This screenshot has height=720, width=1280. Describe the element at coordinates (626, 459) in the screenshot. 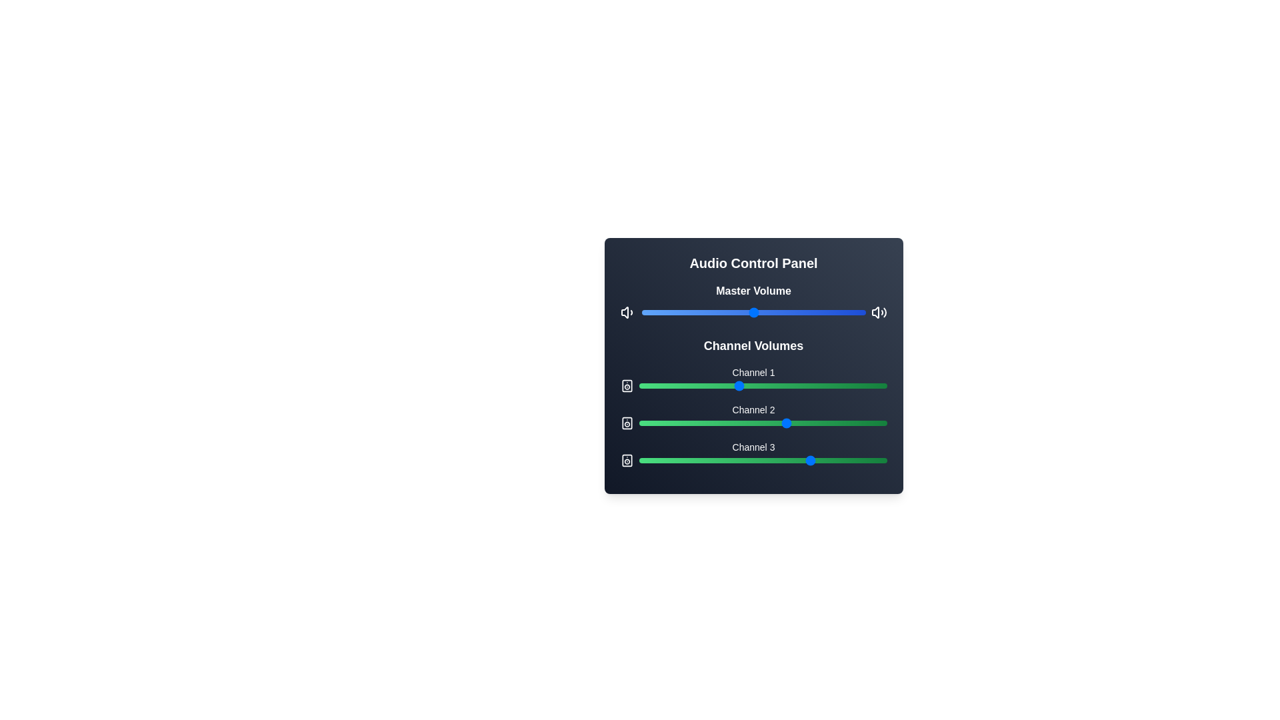

I see `the icon representing the associated channel located on the left side of the third row in the 'Channel Volumes' section` at that location.